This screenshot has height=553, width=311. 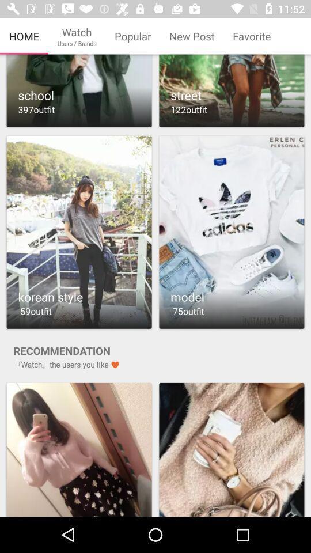 I want to click on the image representing model 75outfit, so click(x=232, y=232).